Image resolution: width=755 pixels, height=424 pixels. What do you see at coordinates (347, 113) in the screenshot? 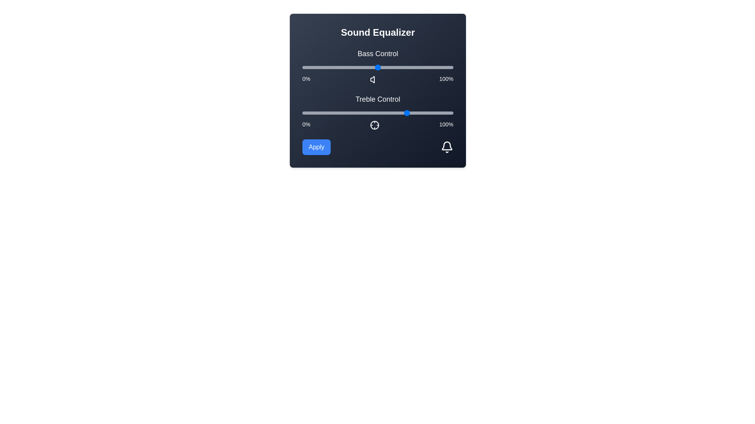
I see `the treble slider to 30%` at bounding box center [347, 113].